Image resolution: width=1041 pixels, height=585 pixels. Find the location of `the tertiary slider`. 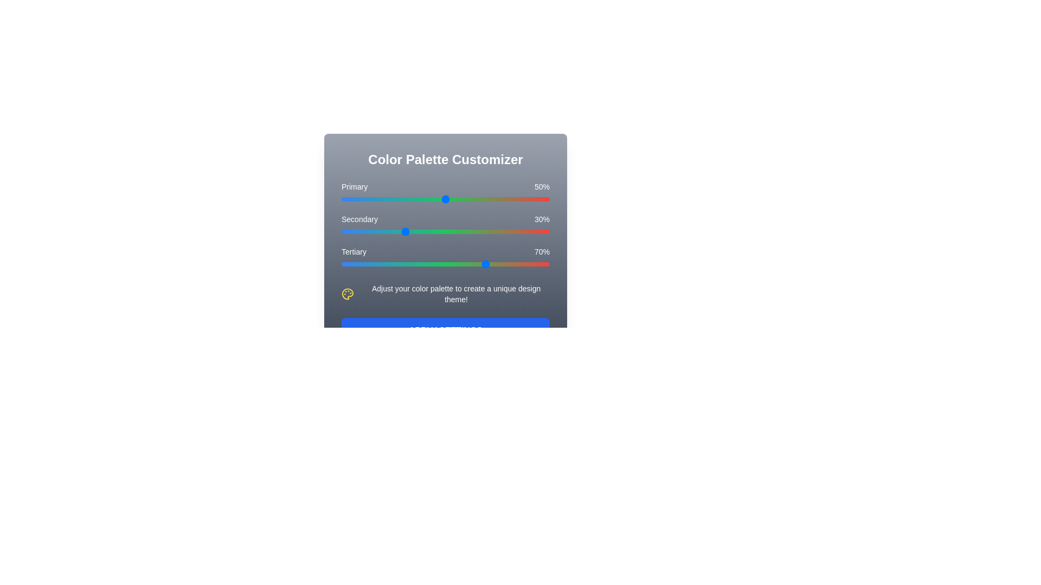

the tertiary slider is located at coordinates (513, 264).